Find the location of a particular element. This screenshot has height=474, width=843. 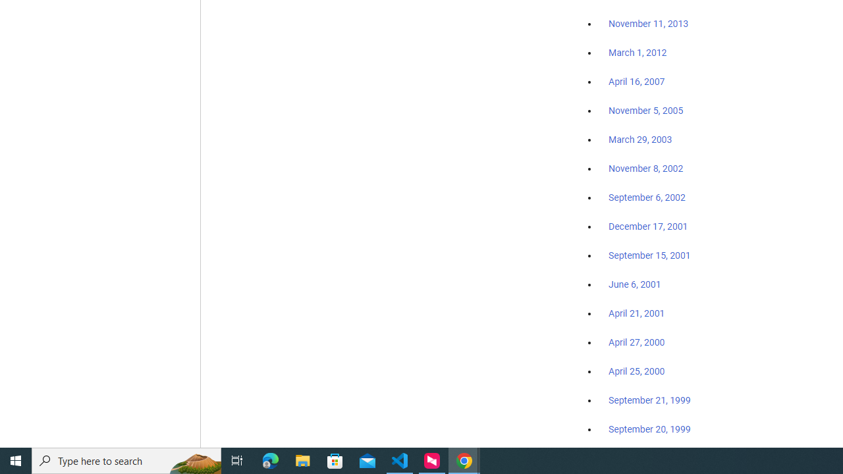

'April 25, 2000' is located at coordinates (637, 371).